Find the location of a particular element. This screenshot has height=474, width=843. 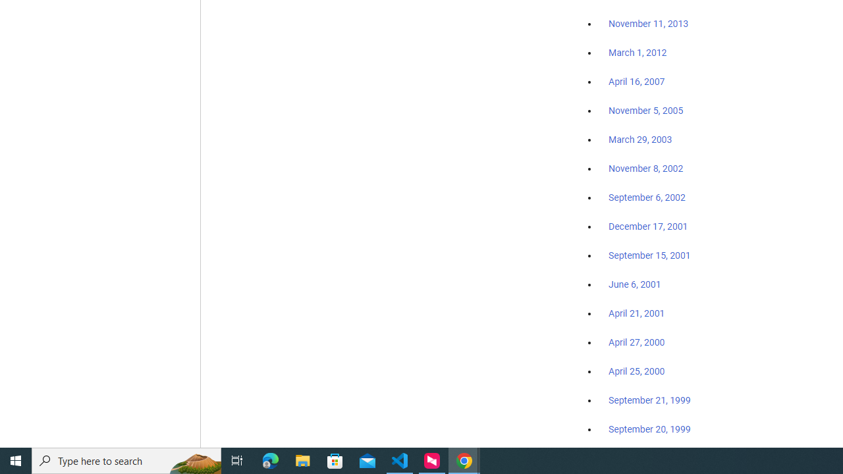

'April 25, 2000' is located at coordinates (637, 371).